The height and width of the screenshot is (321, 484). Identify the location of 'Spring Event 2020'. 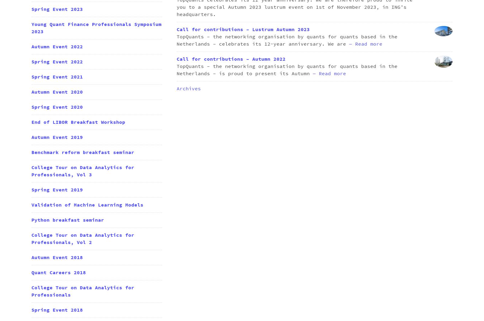
(57, 107).